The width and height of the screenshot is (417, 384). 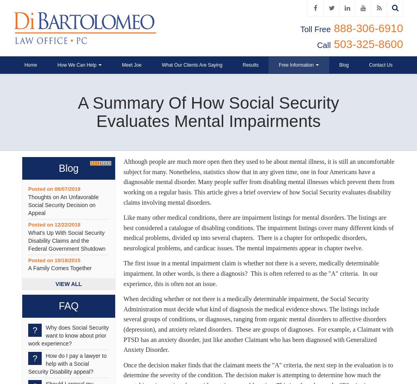 What do you see at coordinates (296, 65) in the screenshot?
I see `'Free Information'` at bounding box center [296, 65].